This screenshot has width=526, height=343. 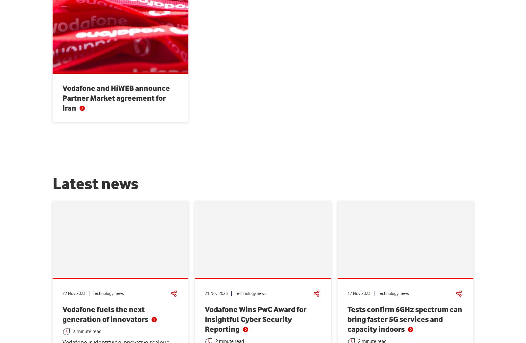 What do you see at coordinates (52, 184) in the screenshot?
I see `'Latest news'` at bounding box center [52, 184].